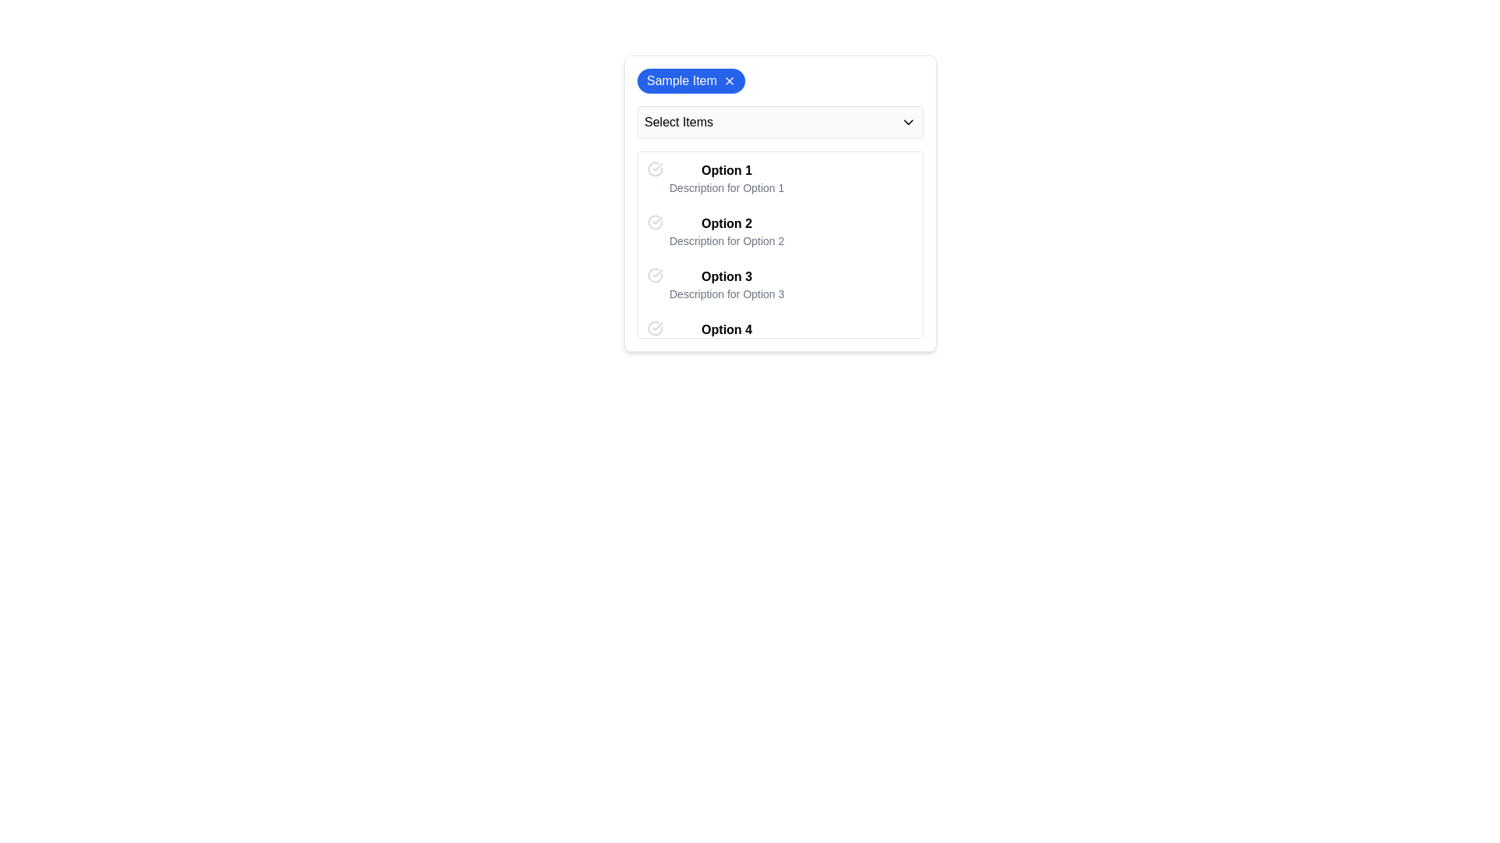  Describe the element at coordinates (908, 122) in the screenshot. I see `the Chevron Down icon located at the far right of the 'Select Items' dropdown menu` at that location.